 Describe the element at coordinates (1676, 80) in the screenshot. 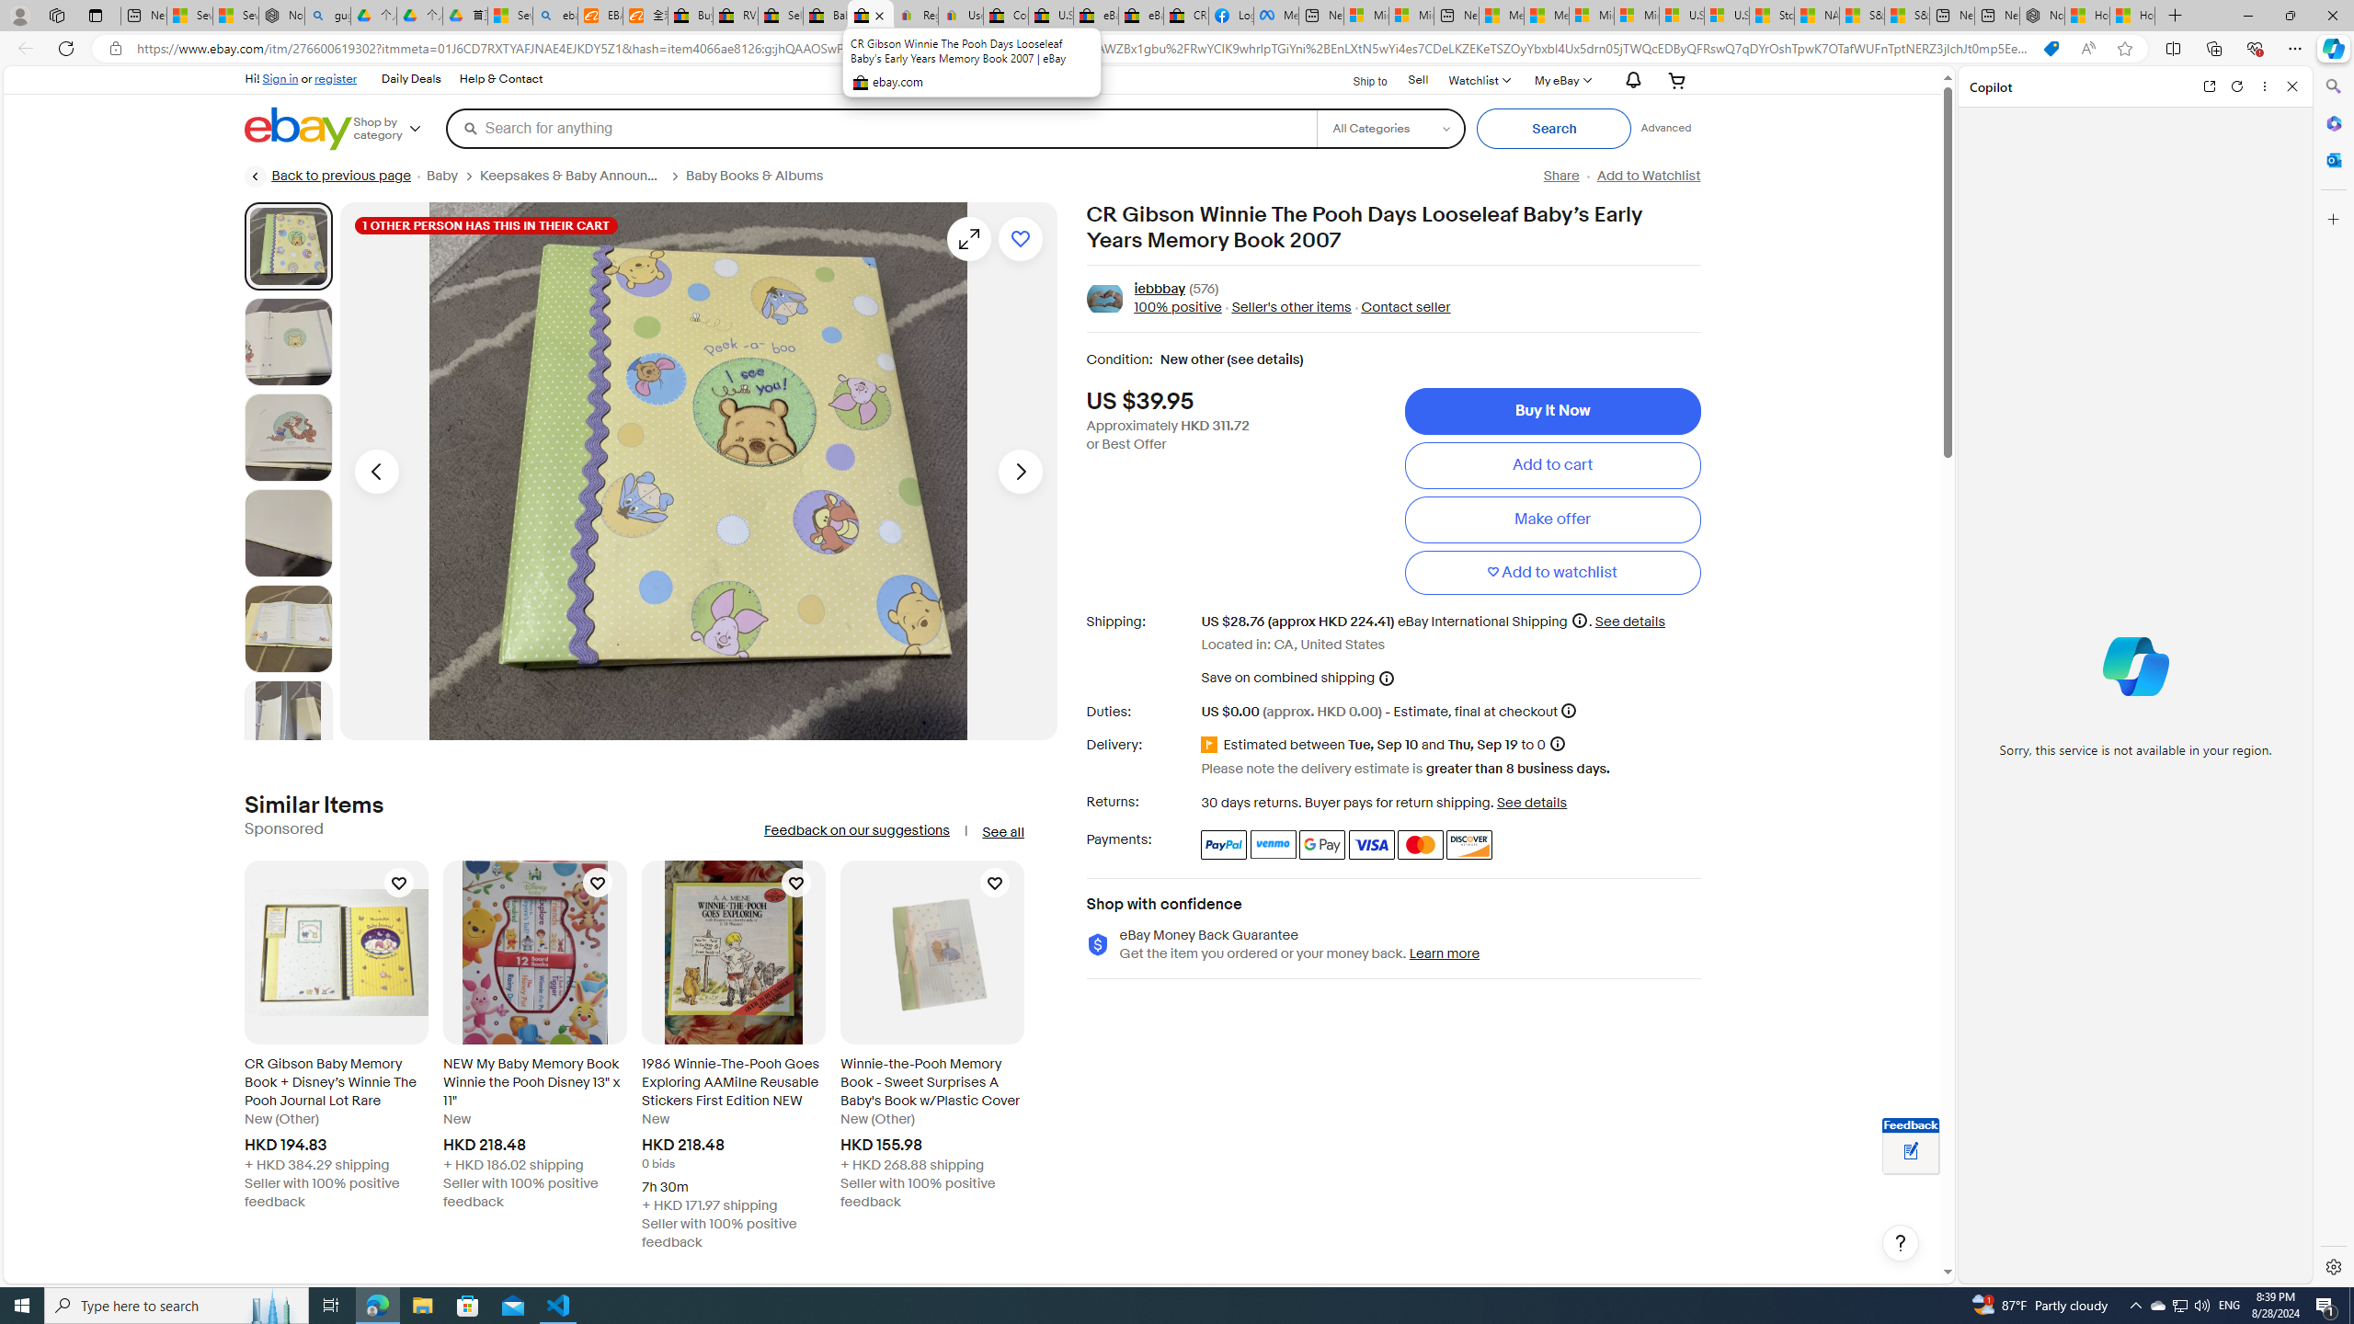

I see `'Your shopping cart'` at that location.